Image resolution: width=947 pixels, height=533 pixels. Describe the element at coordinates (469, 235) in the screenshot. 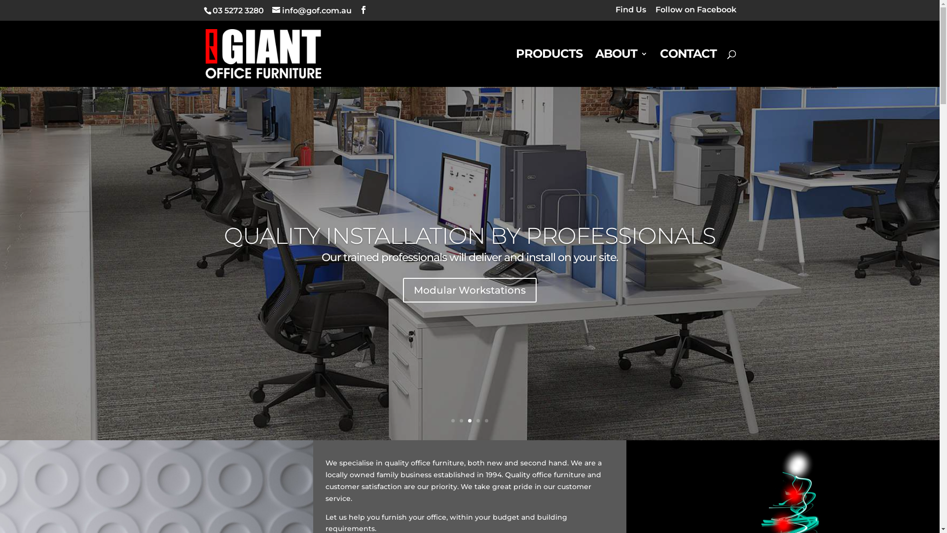

I see `'QUALITY INSTALLATION BY PROFESSIONALS'` at that location.